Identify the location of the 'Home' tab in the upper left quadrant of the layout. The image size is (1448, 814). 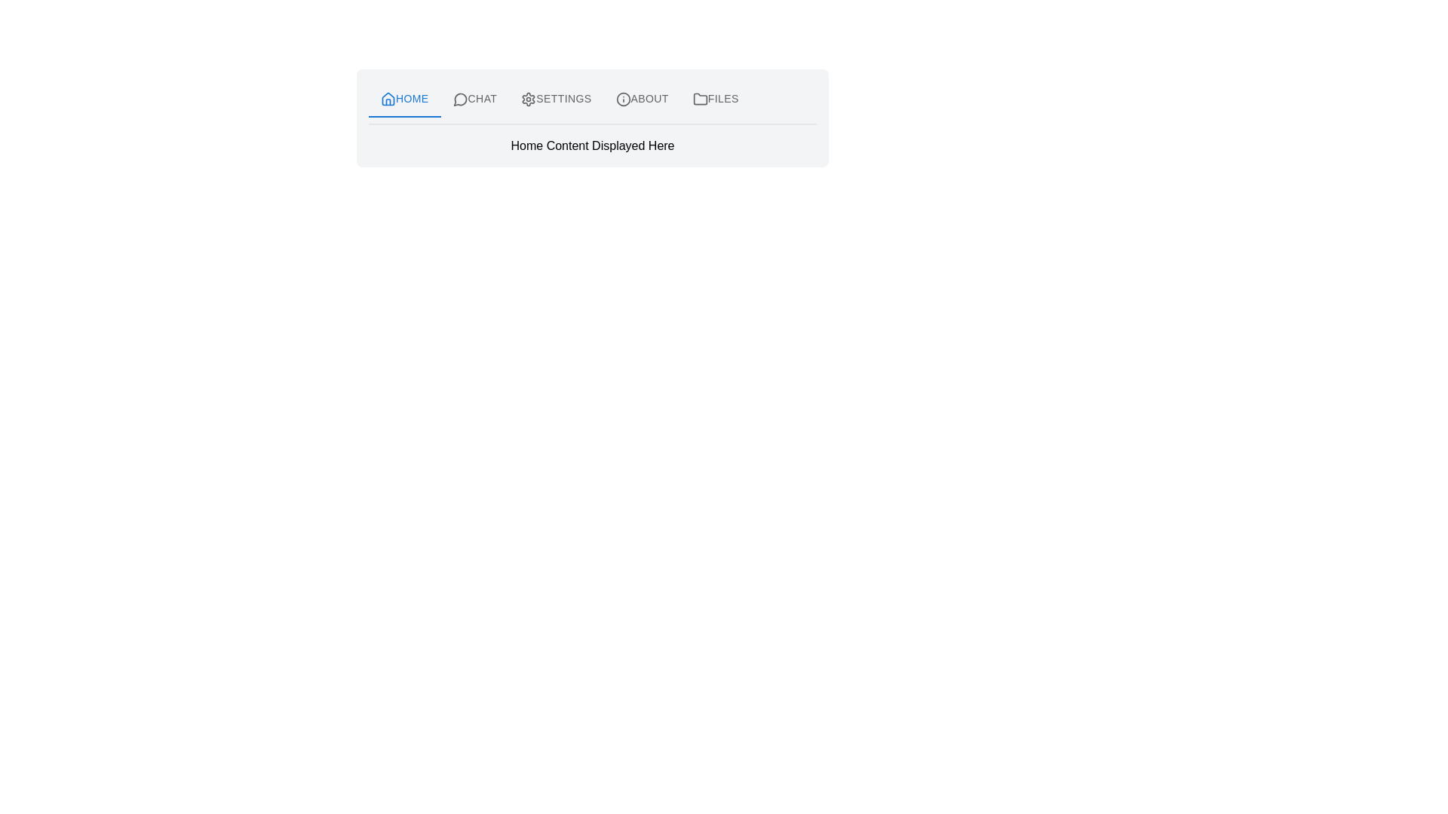
(404, 99).